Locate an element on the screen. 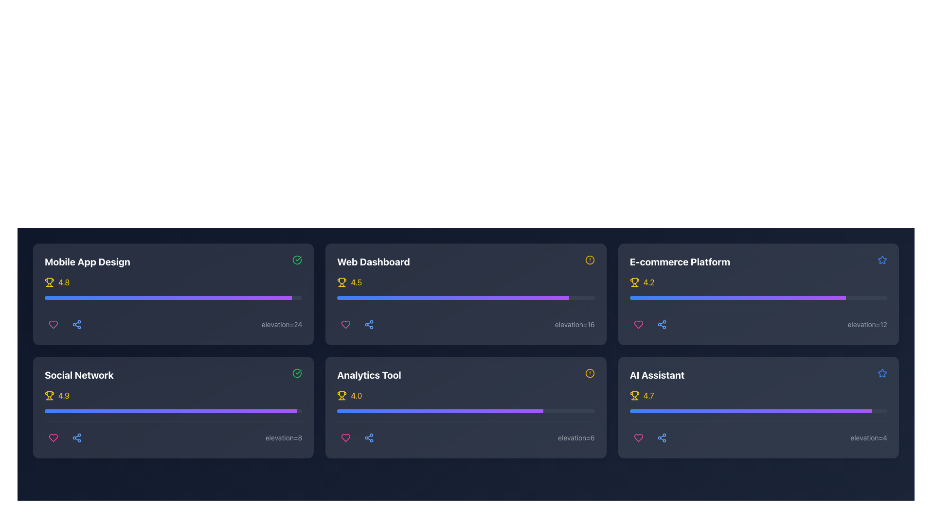  the circular icon with an inner checkmark in the top-right corner of the 'Mobile App Design' card is located at coordinates (297, 260).